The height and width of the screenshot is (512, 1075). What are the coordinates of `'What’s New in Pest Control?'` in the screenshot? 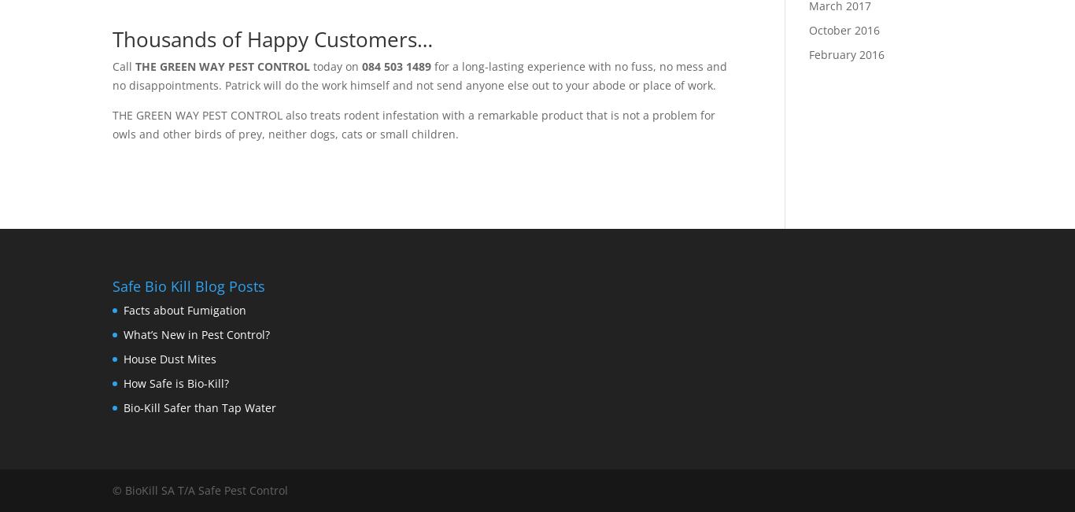 It's located at (196, 334).